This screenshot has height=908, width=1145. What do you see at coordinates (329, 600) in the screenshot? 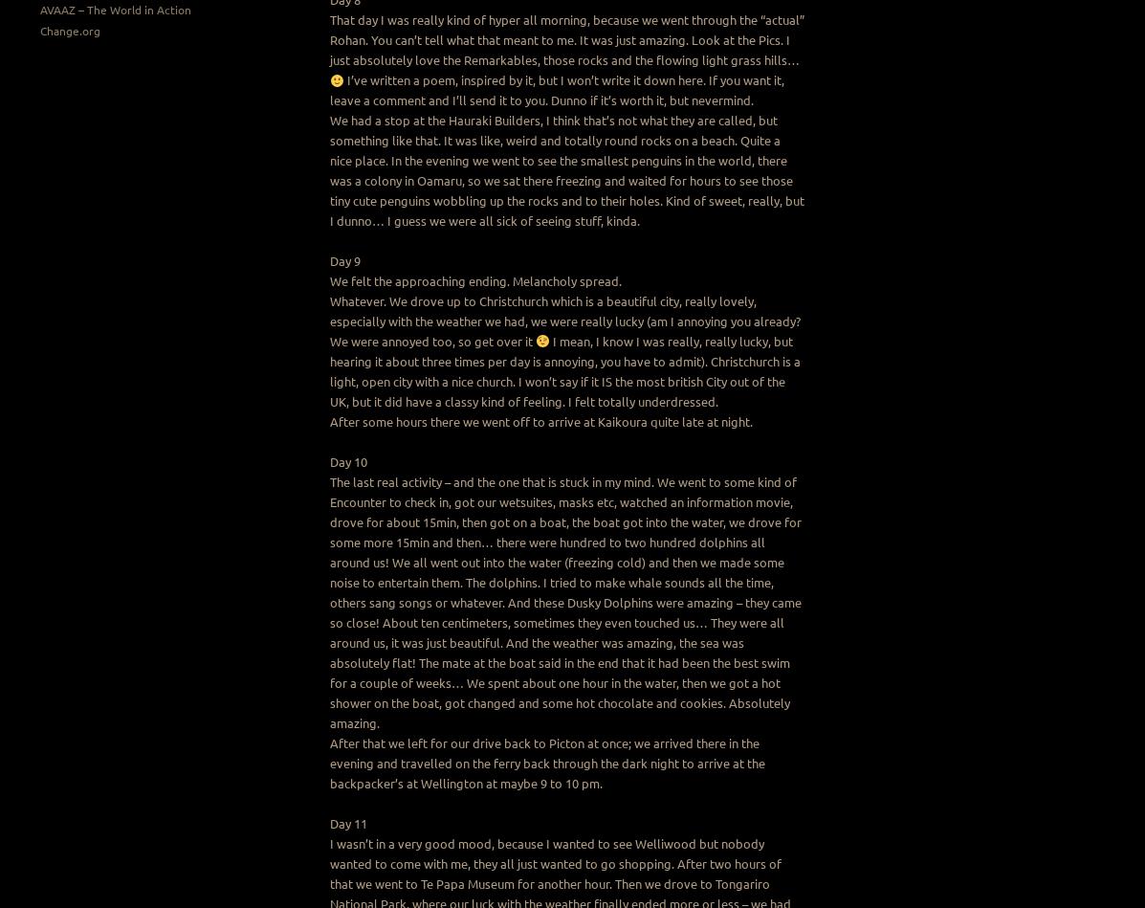
I see `'The last real activity – and the one that is stuck in my mind. We went to some kind of Encounter to check in, got our wetsuites, masks etc, watched an information movie, drove for about 15min, then got on a boat, the boat got into the water, we drove for some more 15min and then… there were hundred to two hundred dolphins all around us! We all went out into the water (freezing cold) and then we made some noise to entertain them. The dolphins. I tried to make whale sounds all the time, others sang songs or whatever. And these Dusky Dolphins were amazing – they came so close! About ten centimeters, sometimes they even touched us… They were all around us, it was just beautiful. And the weather was amazing, the sea was absolutely flat! The mate at the boat said in the end that it had been the best swim for a couple of weeks… We spent about one hour in the water, then we got a hot shower on the boat, got changed and some hot chocolate and cookies. Absolutely amazing.'` at bounding box center [329, 600].